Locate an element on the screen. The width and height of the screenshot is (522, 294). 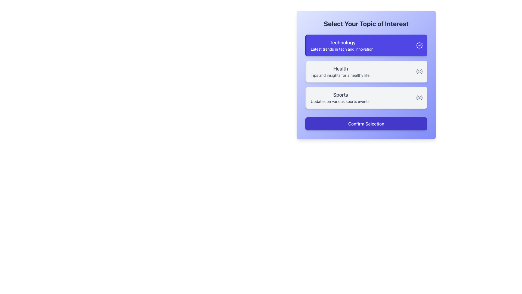
the 'Health' text block, which is the second option in a vertical list of categories, located centrally within a card-like section is located at coordinates (340, 71).